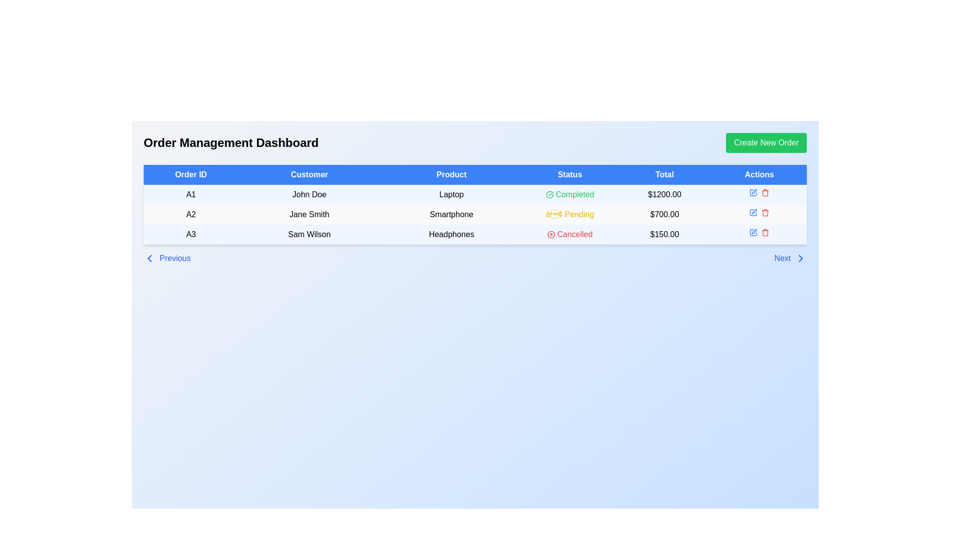 This screenshot has width=958, height=538. I want to click on the Text label displaying the name of the customer associated with the order in the 'Customer' column of the third row of the table, so click(309, 234).